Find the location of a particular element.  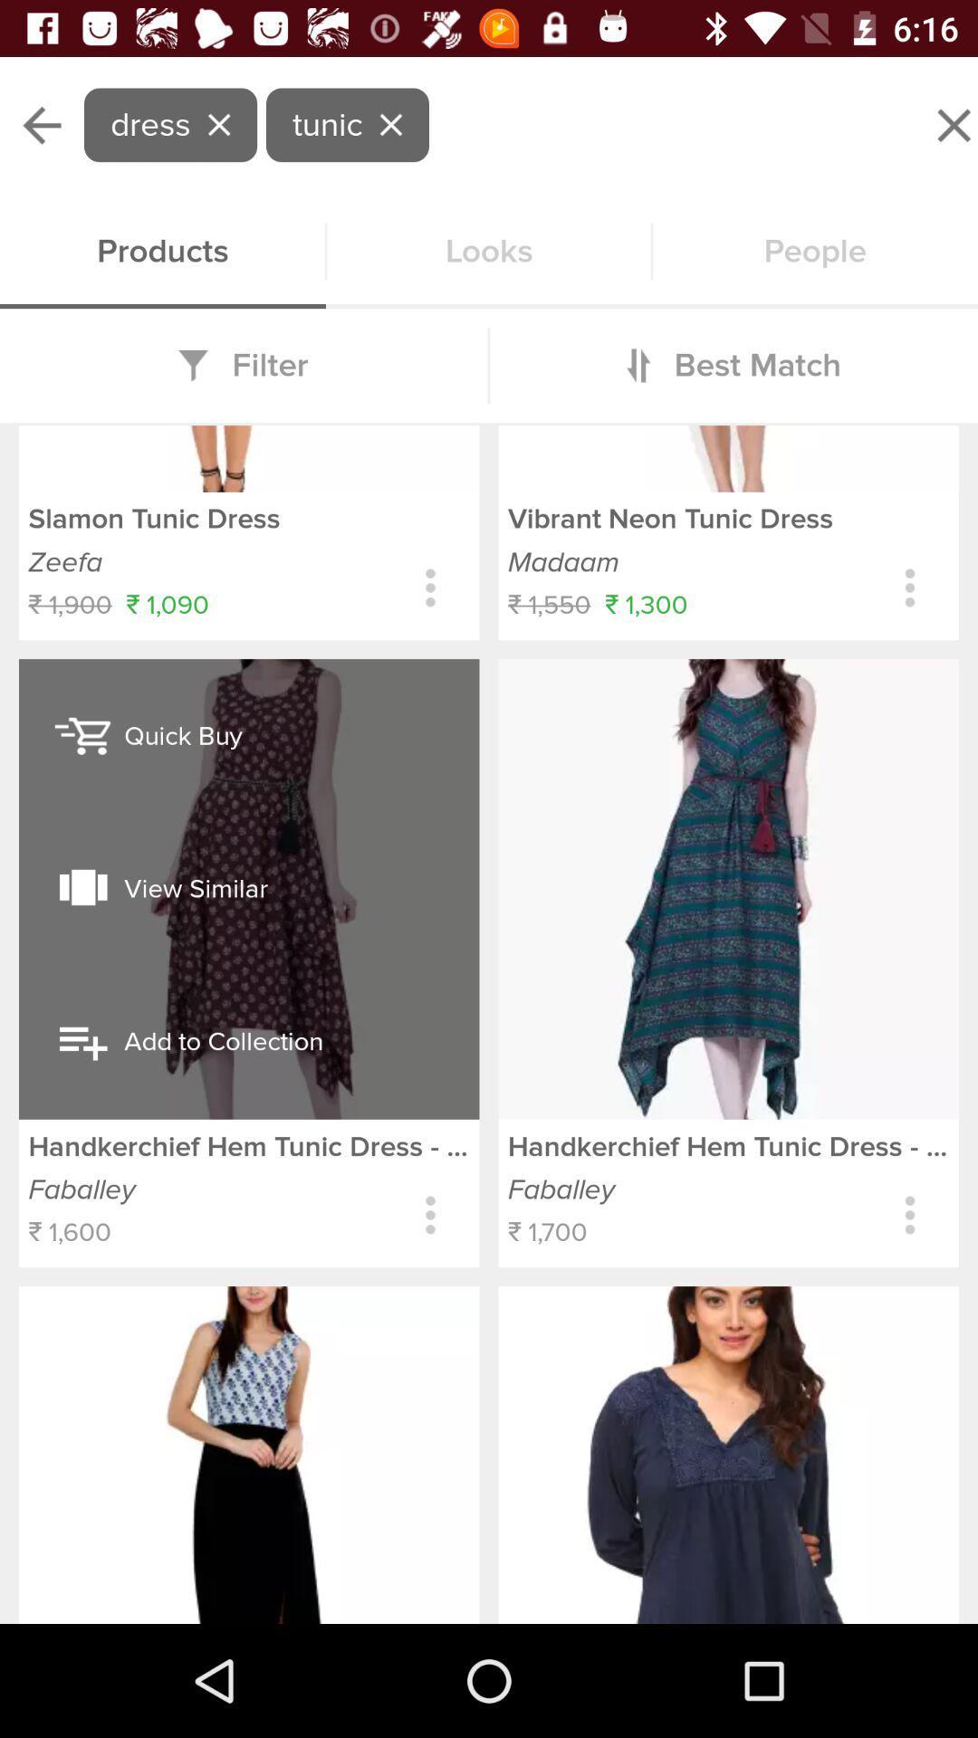

the picture above the vibrant neon tunic dress is located at coordinates (728, 459).